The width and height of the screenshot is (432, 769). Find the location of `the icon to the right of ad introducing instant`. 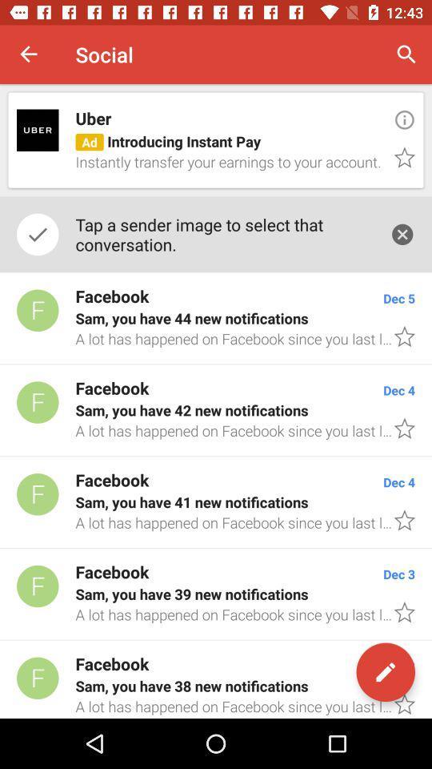

the icon to the right of ad introducing instant is located at coordinates (403, 119).